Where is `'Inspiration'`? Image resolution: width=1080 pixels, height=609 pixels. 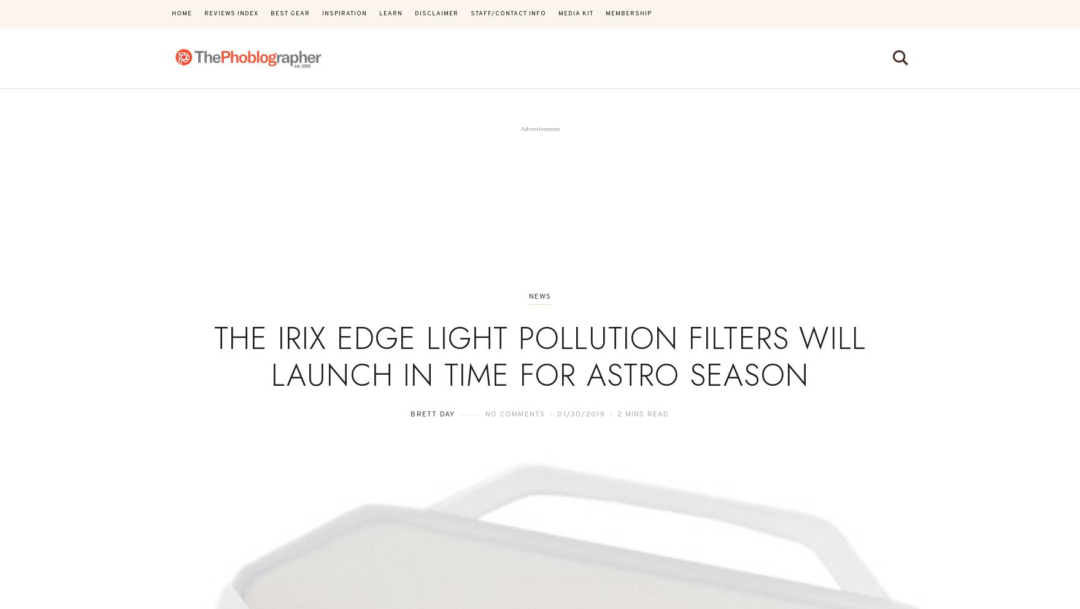 'Inspiration' is located at coordinates (322, 13).